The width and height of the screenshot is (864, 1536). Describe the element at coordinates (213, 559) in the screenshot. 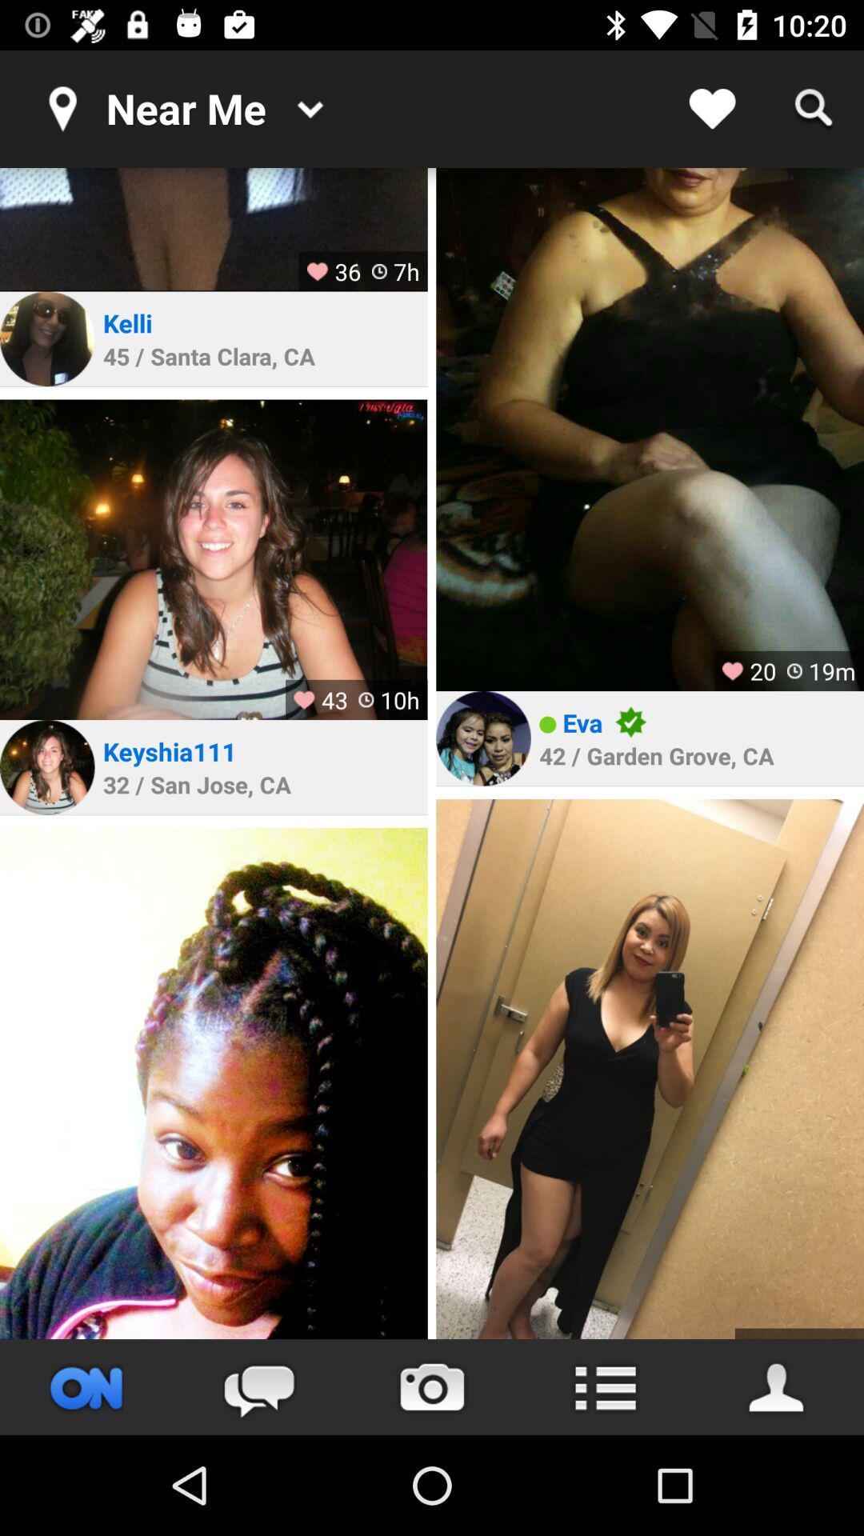

I see `enlarge selected image` at that location.